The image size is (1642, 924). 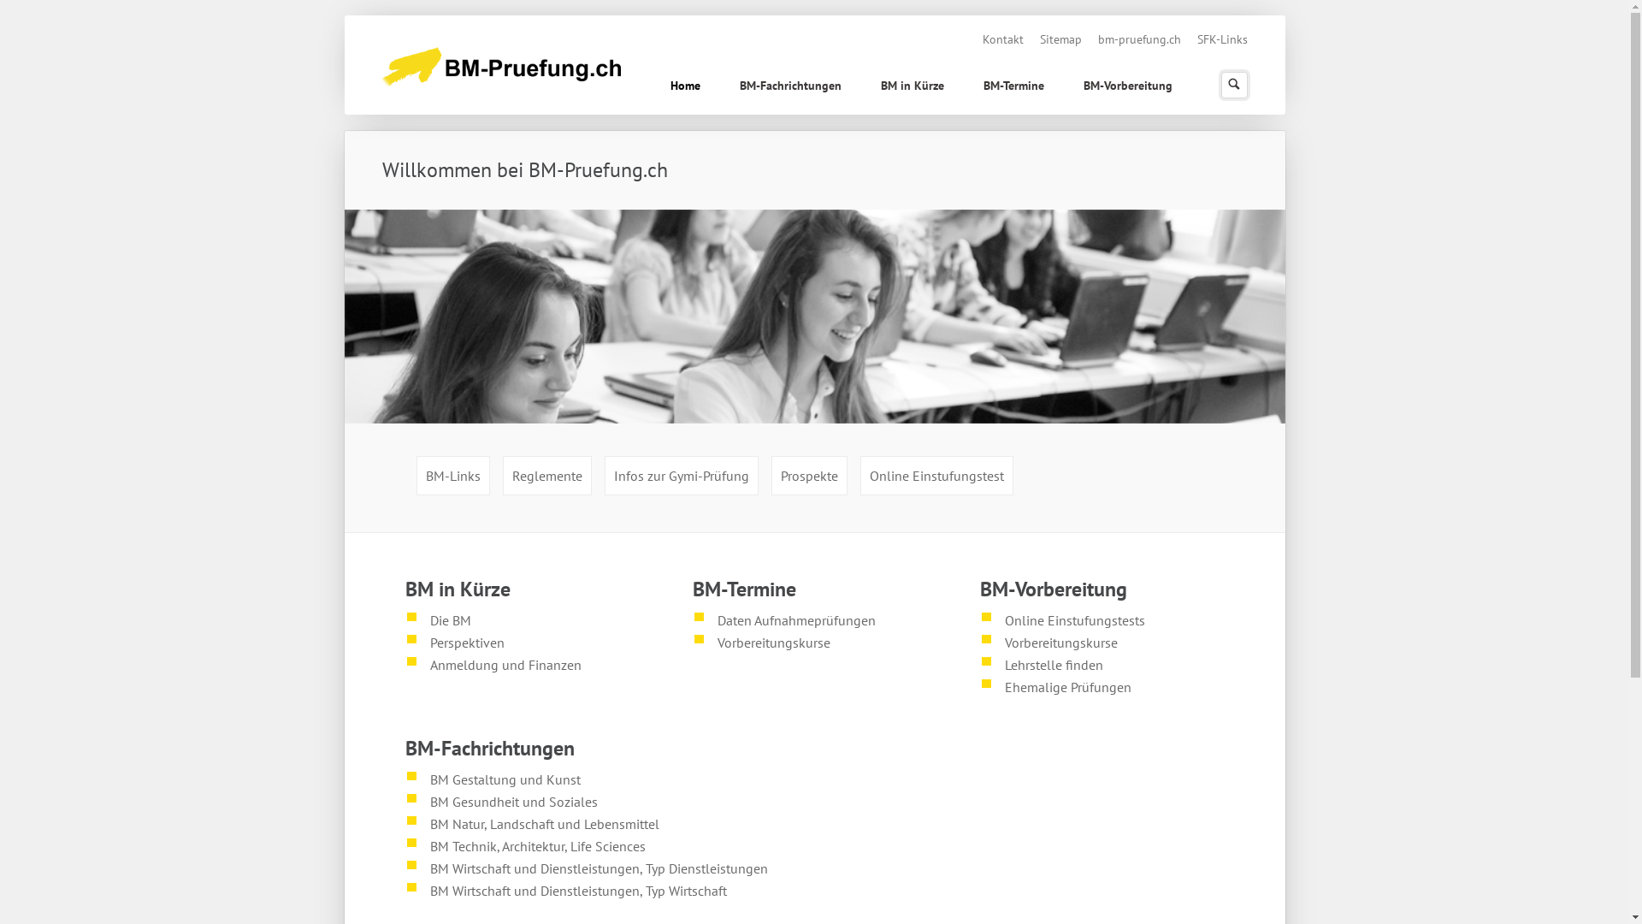 What do you see at coordinates (544, 823) in the screenshot?
I see `'BM Natur, Landschaft und Lebensmittel'` at bounding box center [544, 823].